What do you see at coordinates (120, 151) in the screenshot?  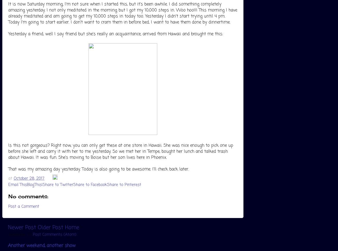 I see `'Is this not gorgeous? Right now, you can only get these at one store in Hawaii. She was nice enough to pick one up before she left and carry it with her to me yesterday. So we met her in Tempe, bought her lunch and talked trash about Hawaii. It was fun. She's moving to Boise but her son lives here in Phoenix.'` at bounding box center [120, 151].